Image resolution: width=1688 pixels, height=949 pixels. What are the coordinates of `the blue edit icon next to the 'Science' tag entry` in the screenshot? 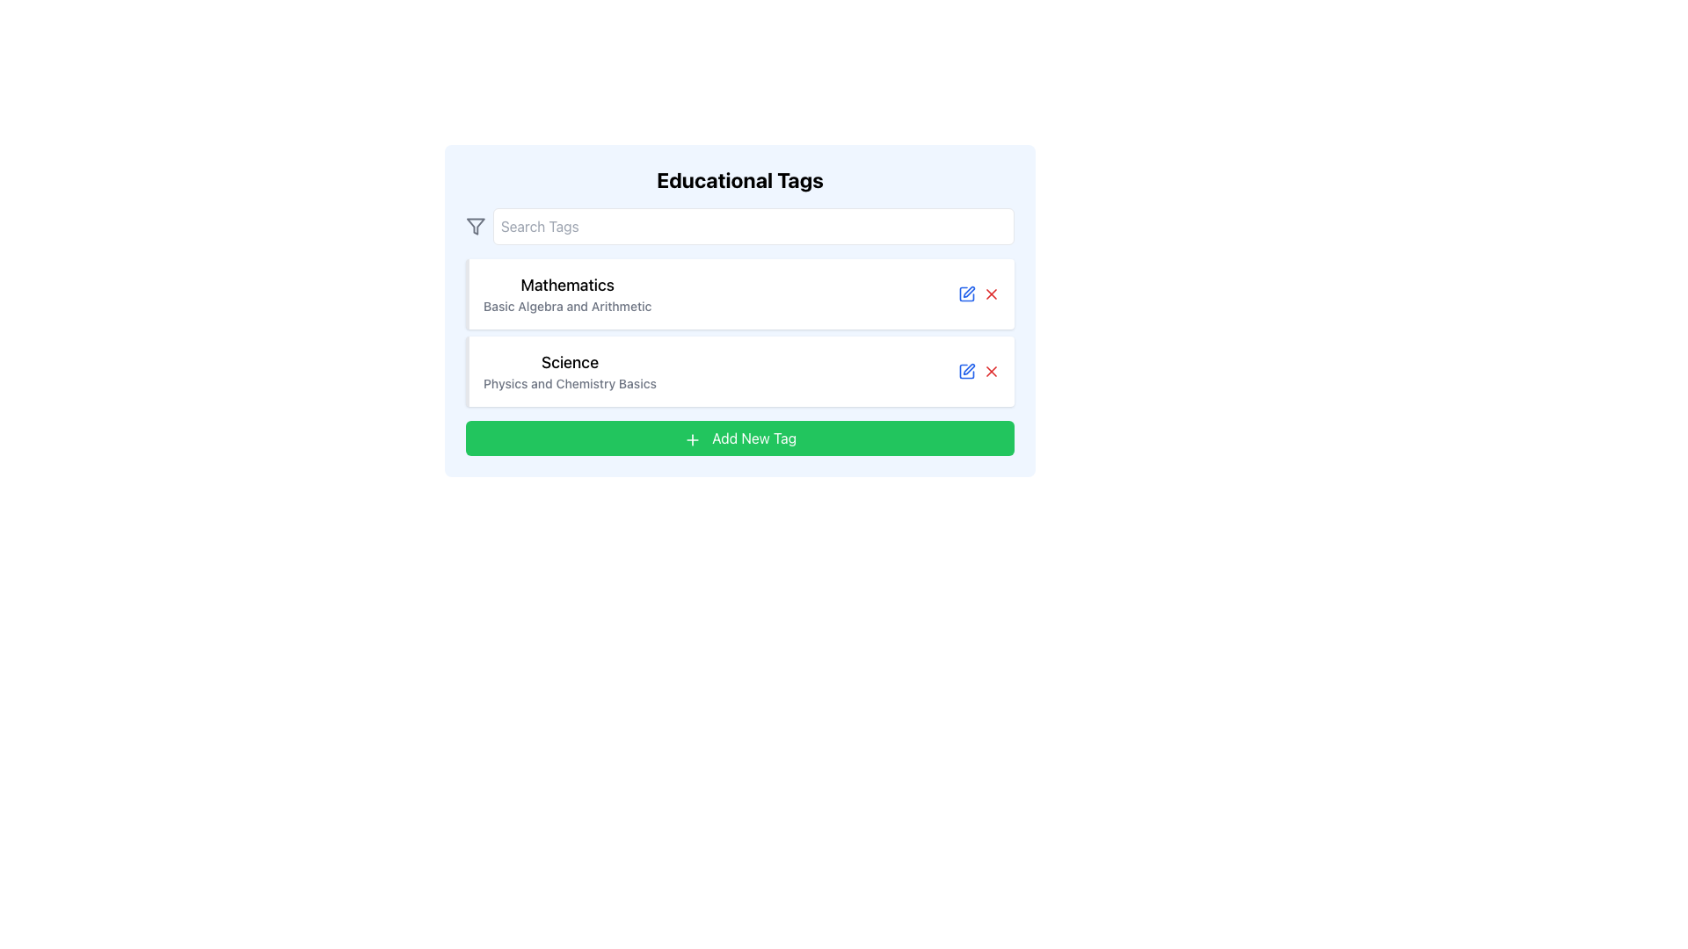 It's located at (965, 371).